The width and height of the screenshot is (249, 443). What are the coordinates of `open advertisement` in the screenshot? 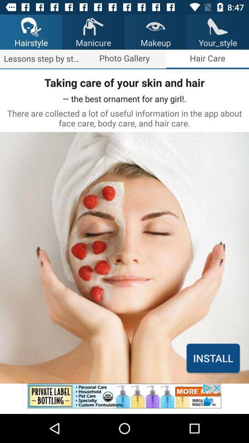 It's located at (125, 398).